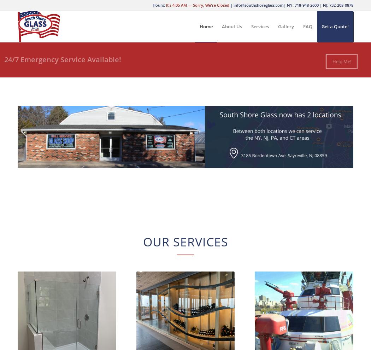 The image size is (371, 350). What do you see at coordinates (303, 5) in the screenshot?
I see `'NY: 718-948-2600'` at bounding box center [303, 5].